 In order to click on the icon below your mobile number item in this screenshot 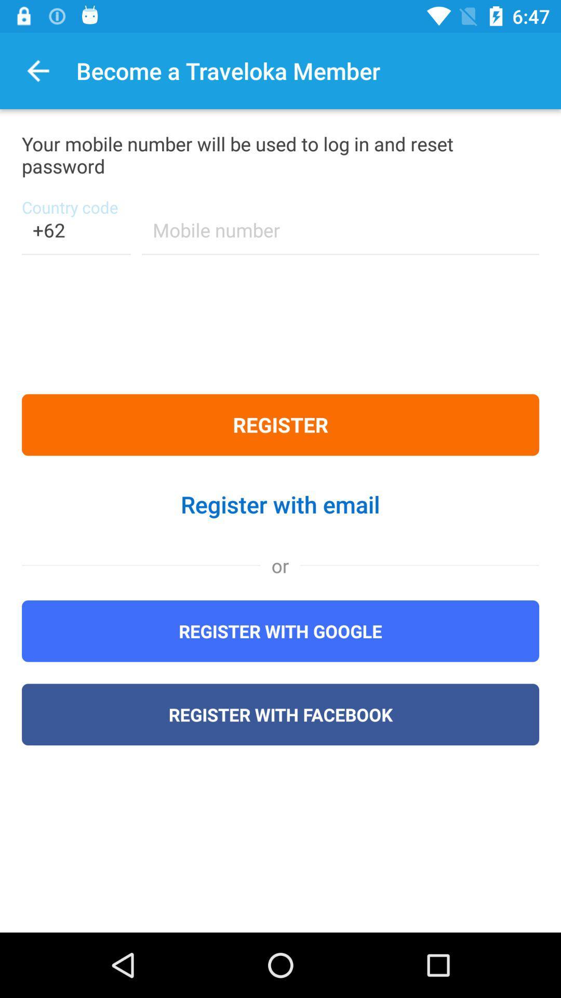, I will do `click(340, 236)`.